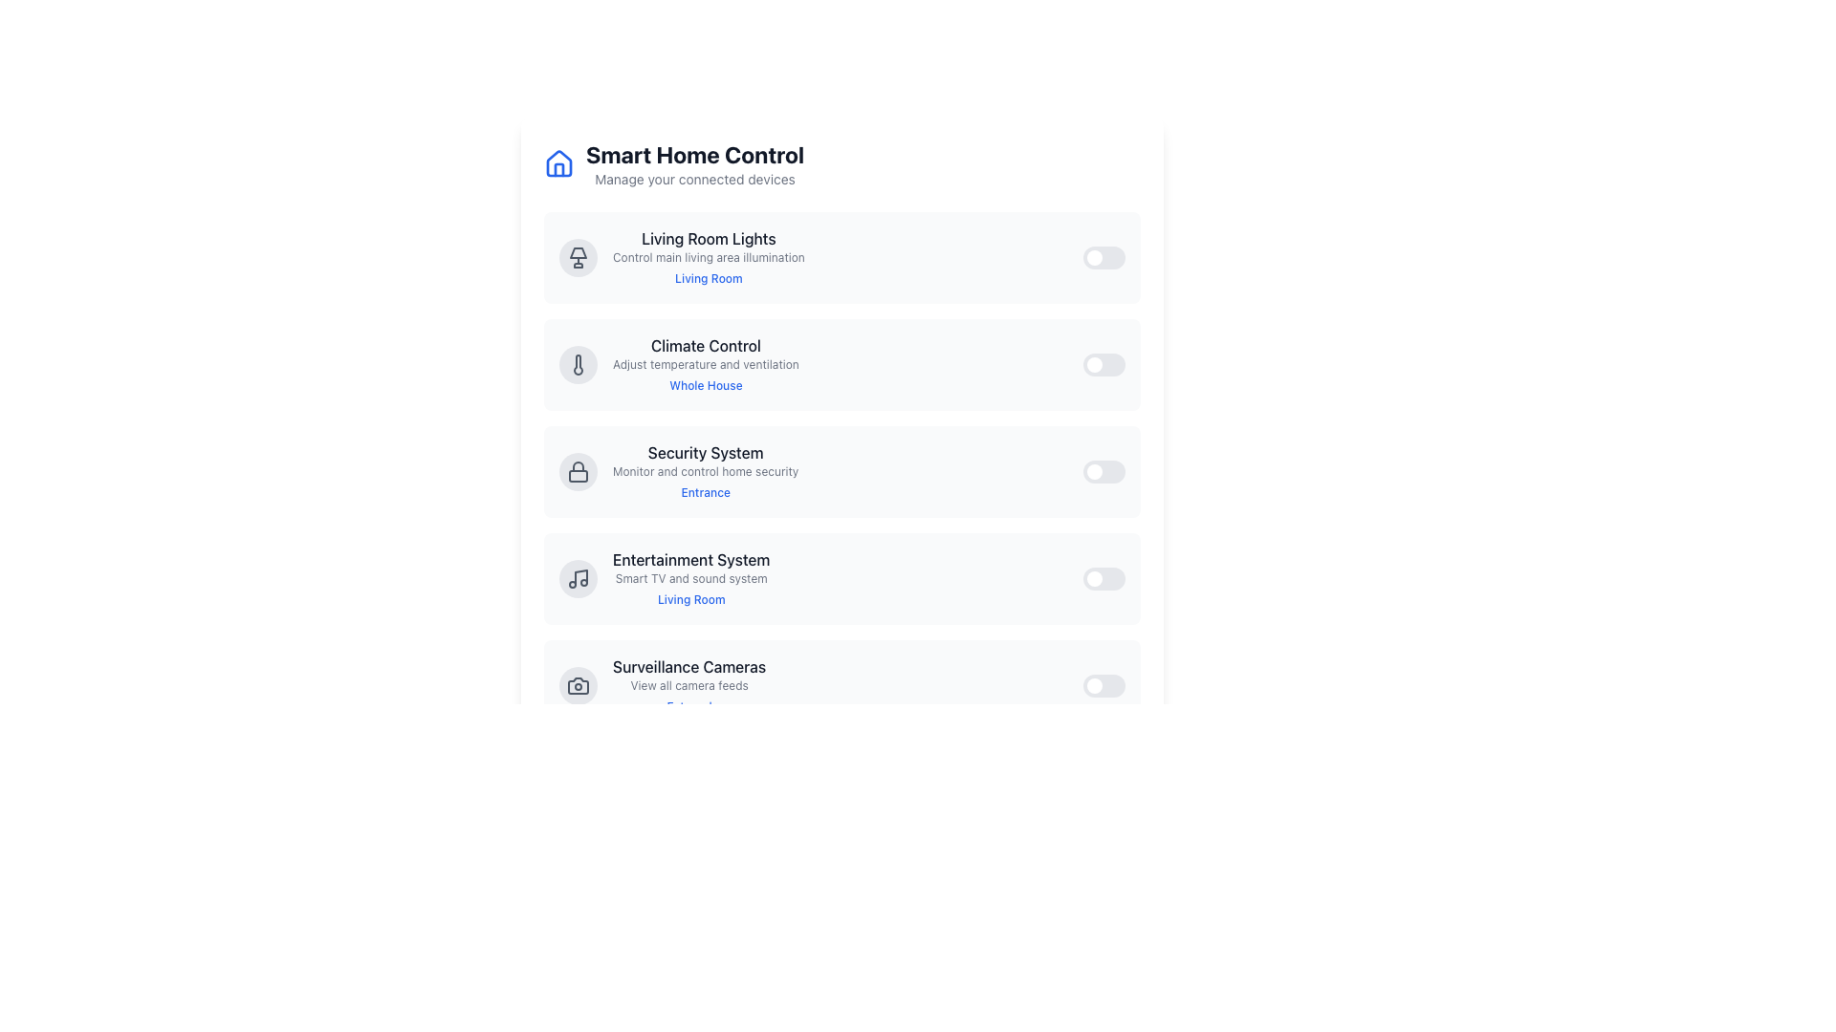 Image resolution: width=1836 pixels, height=1032 pixels. I want to click on the toggle switch on the climate settings control module to change the device's state, so click(841, 364).